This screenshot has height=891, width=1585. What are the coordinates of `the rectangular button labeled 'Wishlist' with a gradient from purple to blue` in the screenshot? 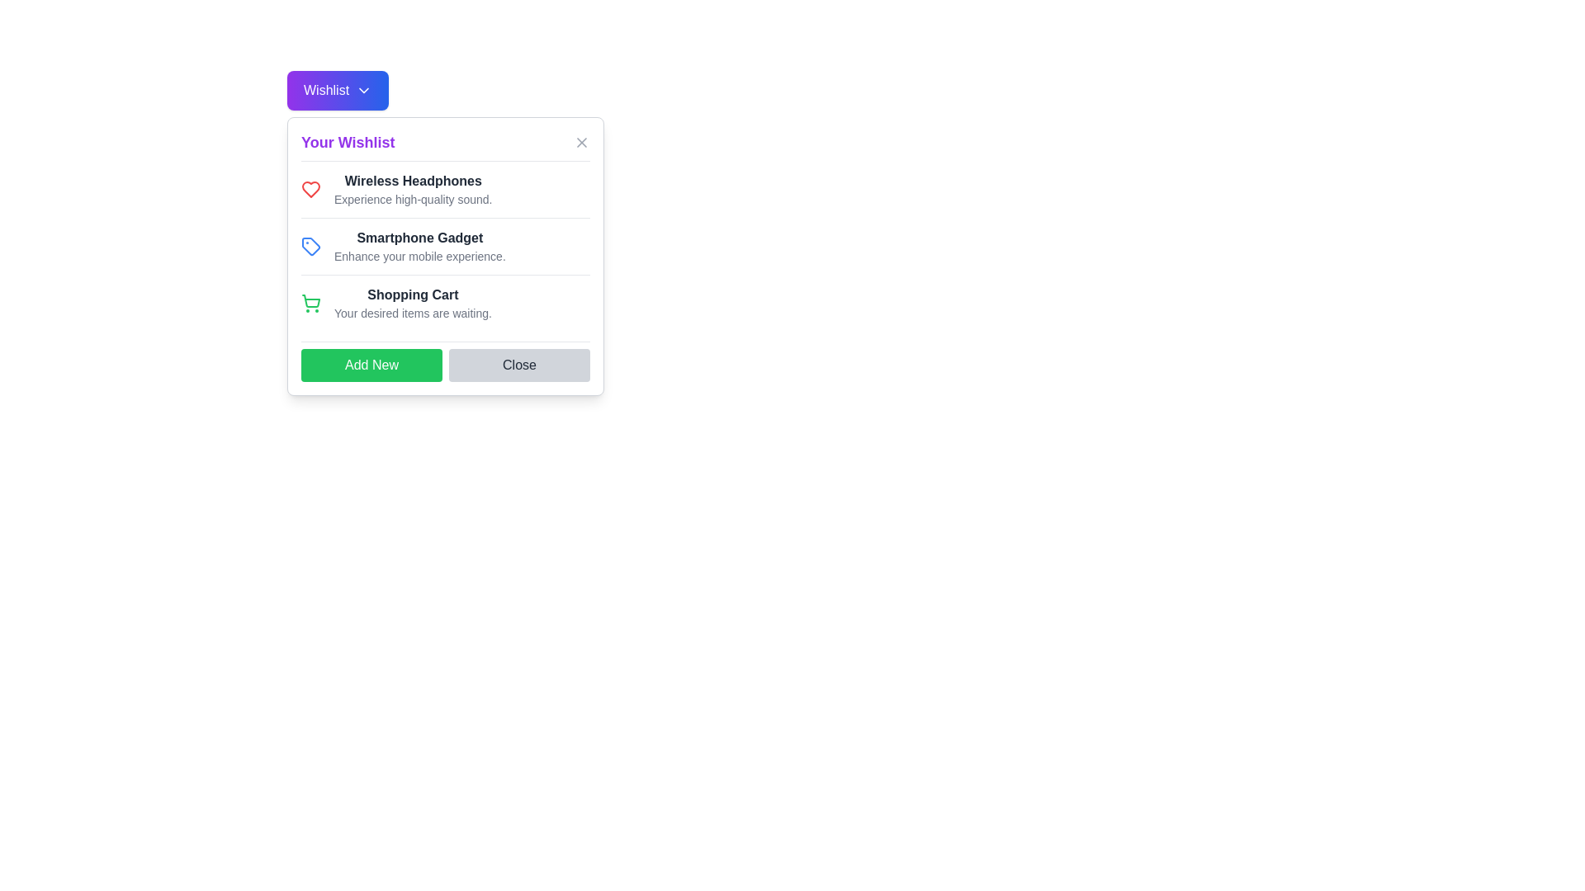 It's located at (337, 91).